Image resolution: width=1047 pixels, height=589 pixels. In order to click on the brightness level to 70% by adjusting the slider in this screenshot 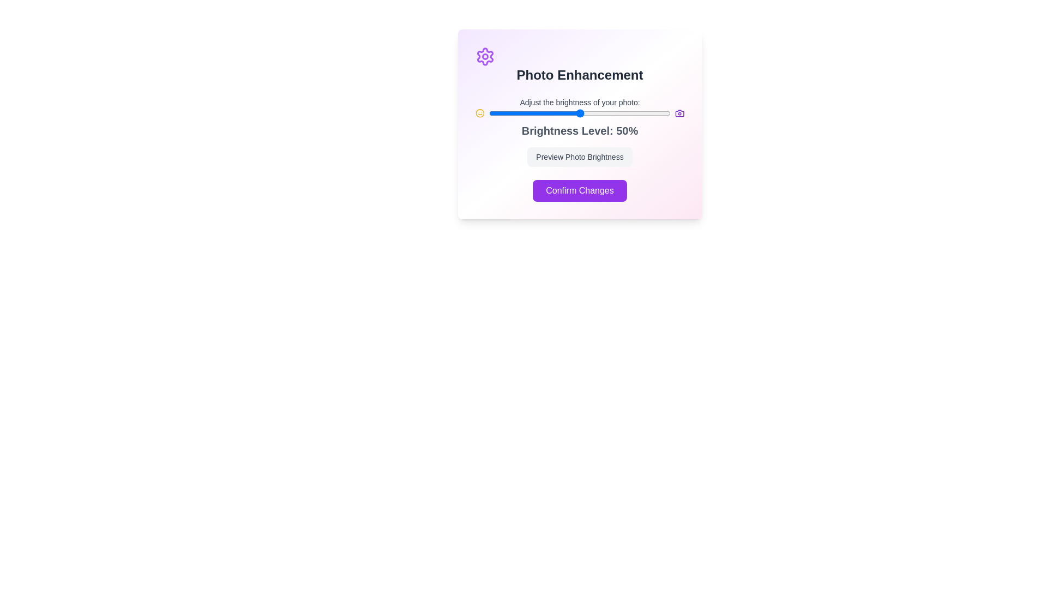, I will do `click(616, 113)`.